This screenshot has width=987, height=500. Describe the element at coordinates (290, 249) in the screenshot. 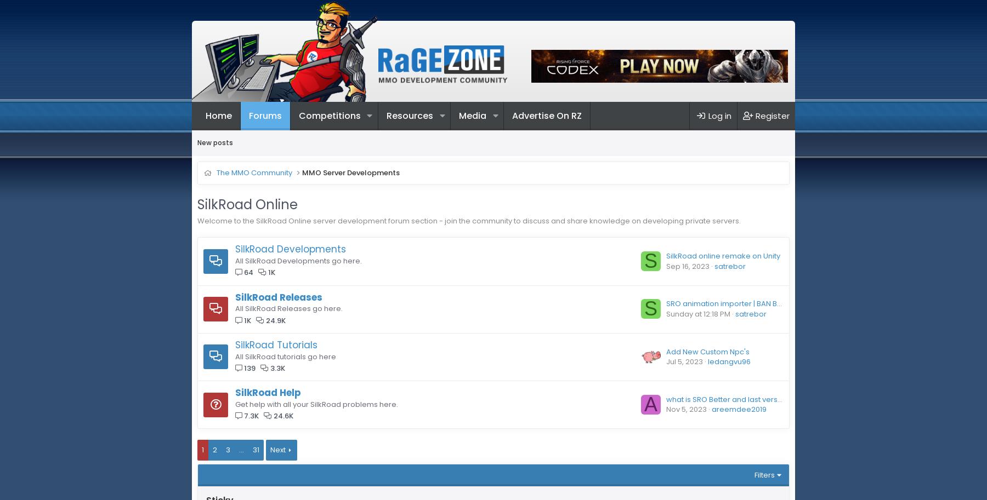

I see `'SilkRoad Developments'` at that location.